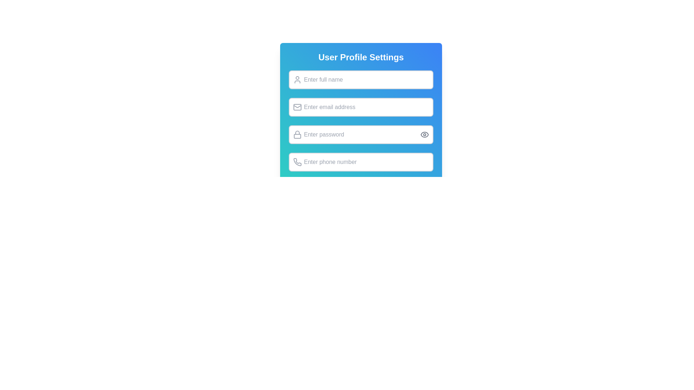 This screenshot has height=390, width=694. Describe the element at coordinates (297, 135) in the screenshot. I see `the password protection indicator icon located on the left side of the password input field, which visually indicates that the field is password-protected` at that location.